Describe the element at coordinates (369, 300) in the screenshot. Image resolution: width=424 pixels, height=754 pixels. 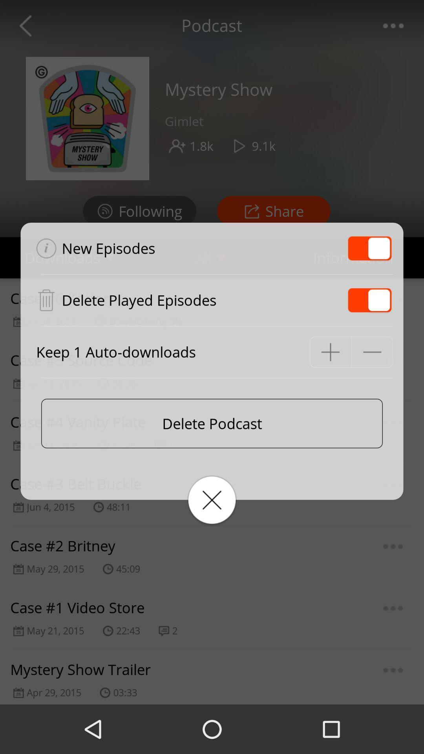
I see `episodes` at that location.